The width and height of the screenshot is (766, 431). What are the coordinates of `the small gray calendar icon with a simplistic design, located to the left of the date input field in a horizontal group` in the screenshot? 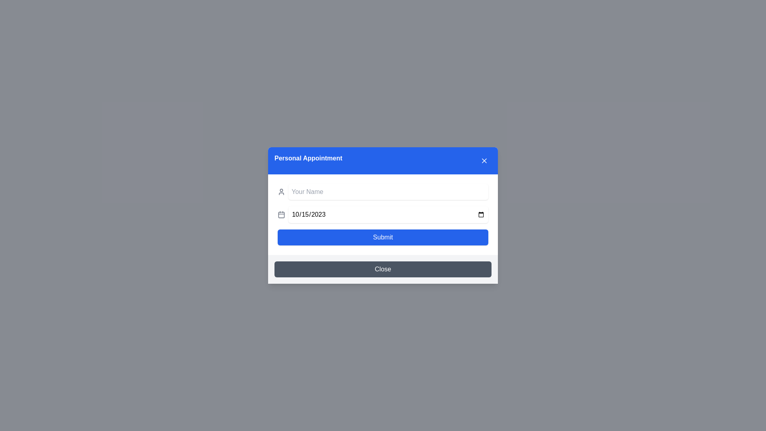 It's located at (281, 214).